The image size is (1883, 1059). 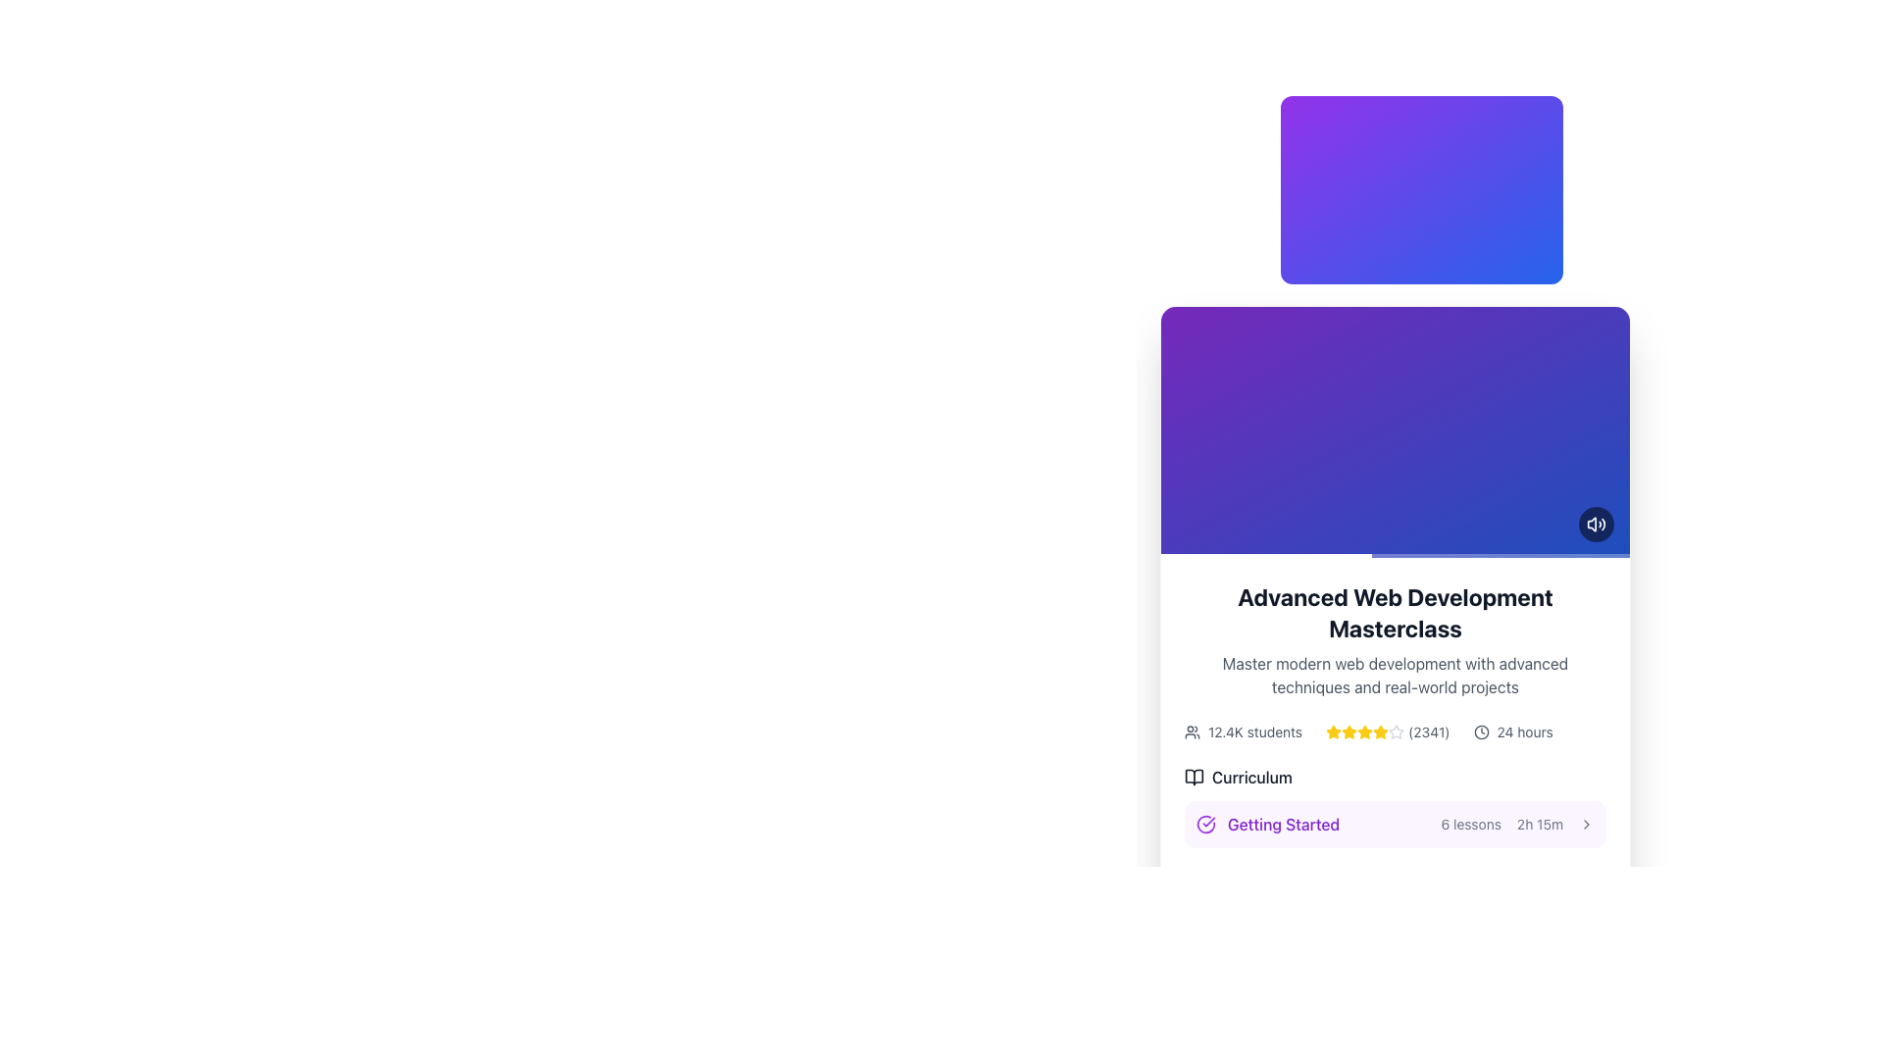 I want to click on the clickable list item or link for the 'Getting Started' section located below the 'Curriculum' title, so click(x=1394, y=879).